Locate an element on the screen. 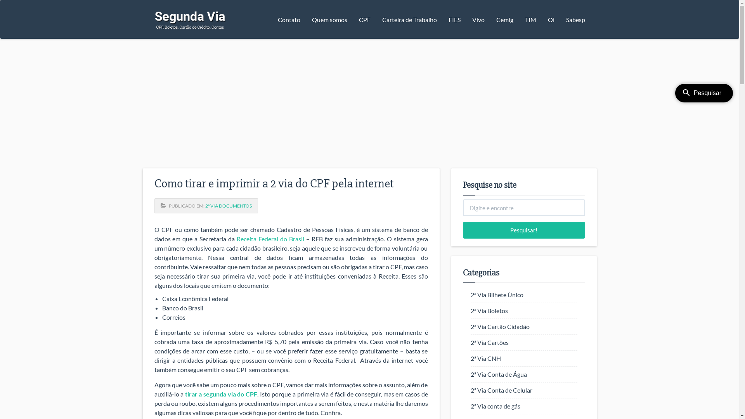 Image resolution: width=745 pixels, height=419 pixels. 'Quem somos' is located at coordinates (329, 19).